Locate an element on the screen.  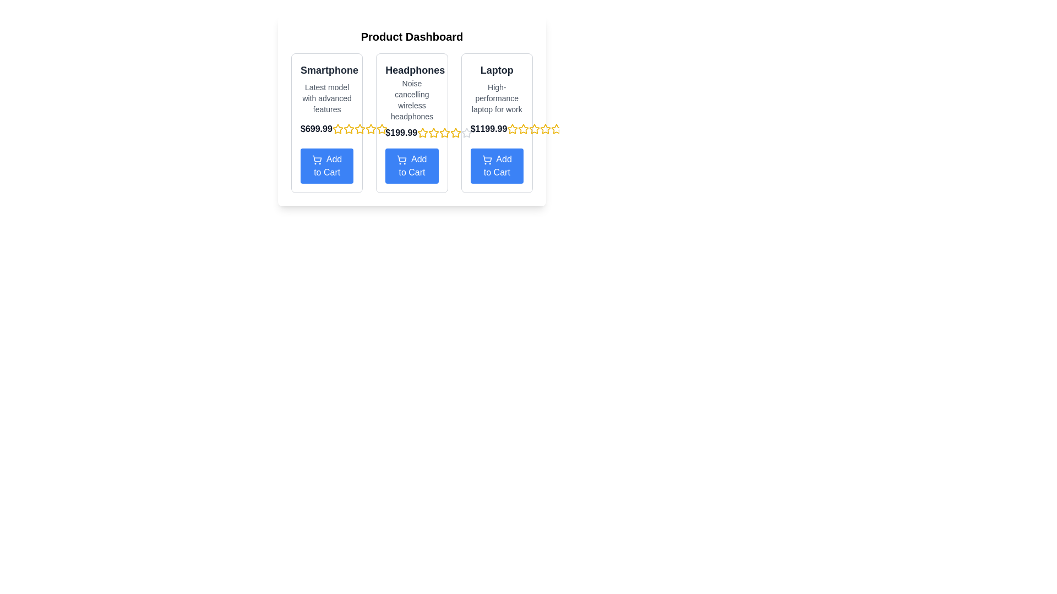
the text label that provides descriptive information about the laptop product, located beneath the title 'Laptop' and above the pricing and action elements is located at coordinates (496, 97).